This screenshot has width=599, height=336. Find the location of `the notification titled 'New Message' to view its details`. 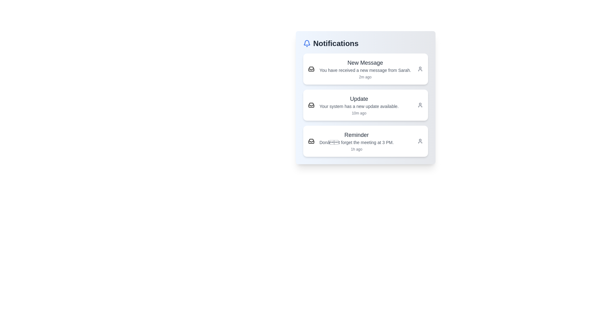

the notification titled 'New Message' to view its details is located at coordinates (365, 69).